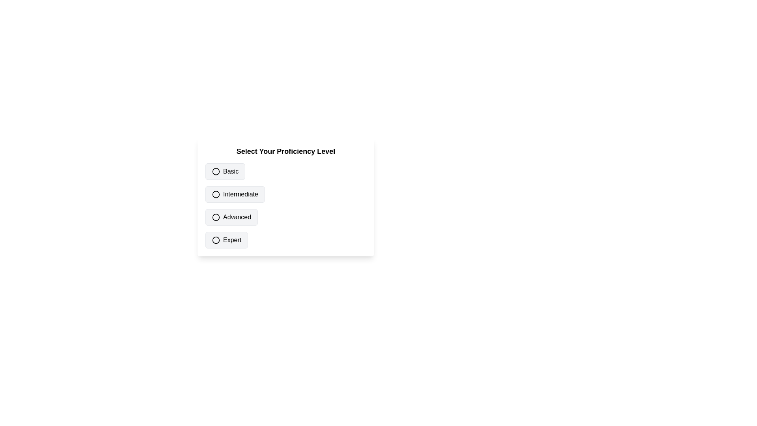 This screenshot has height=426, width=757. I want to click on the radio button for the 'Basic' proficiency level to trigger any highlighting effects, so click(216, 171).